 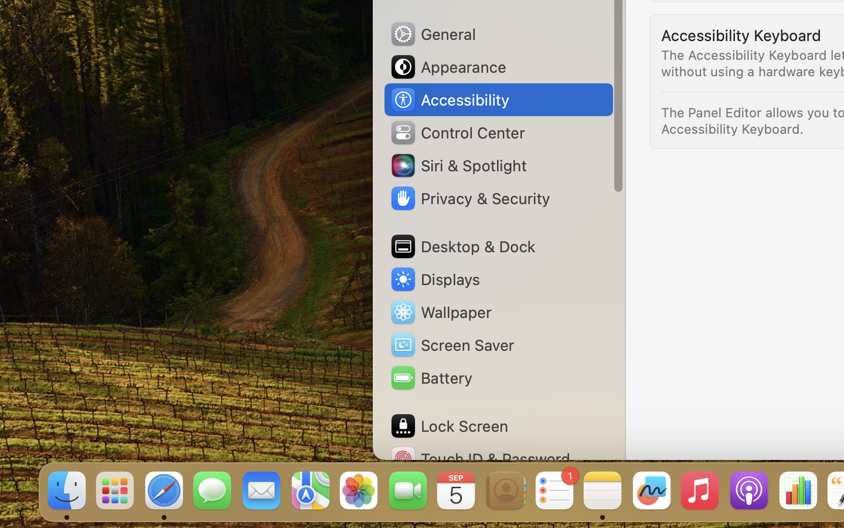 I want to click on 'General', so click(x=431, y=33).